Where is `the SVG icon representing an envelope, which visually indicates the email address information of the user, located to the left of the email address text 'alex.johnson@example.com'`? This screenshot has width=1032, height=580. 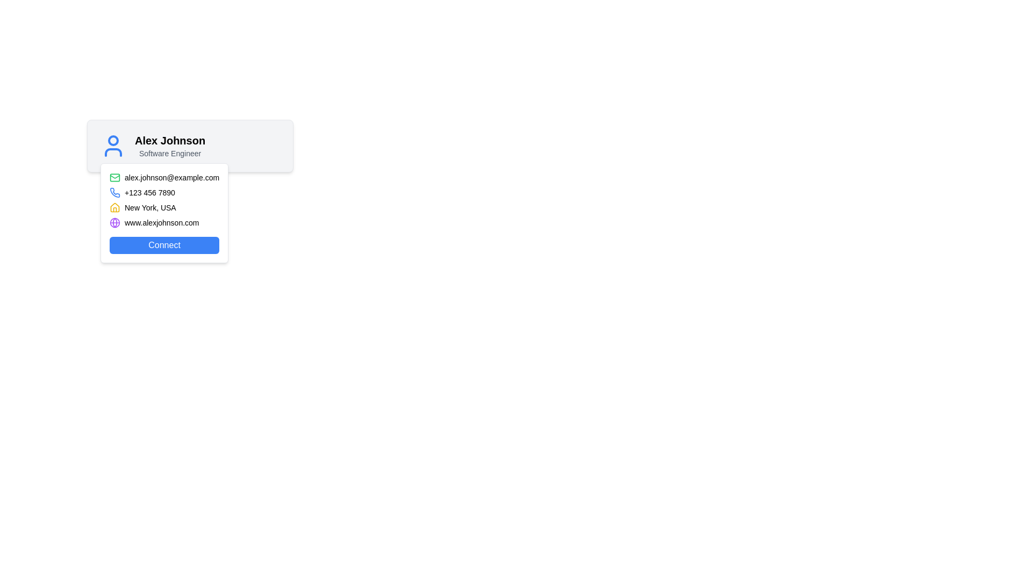
the SVG icon representing an envelope, which visually indicates the email address information of the user, located to the left of the email address text 'alex.johnson@example.com' is located at coordinates (115, 177).